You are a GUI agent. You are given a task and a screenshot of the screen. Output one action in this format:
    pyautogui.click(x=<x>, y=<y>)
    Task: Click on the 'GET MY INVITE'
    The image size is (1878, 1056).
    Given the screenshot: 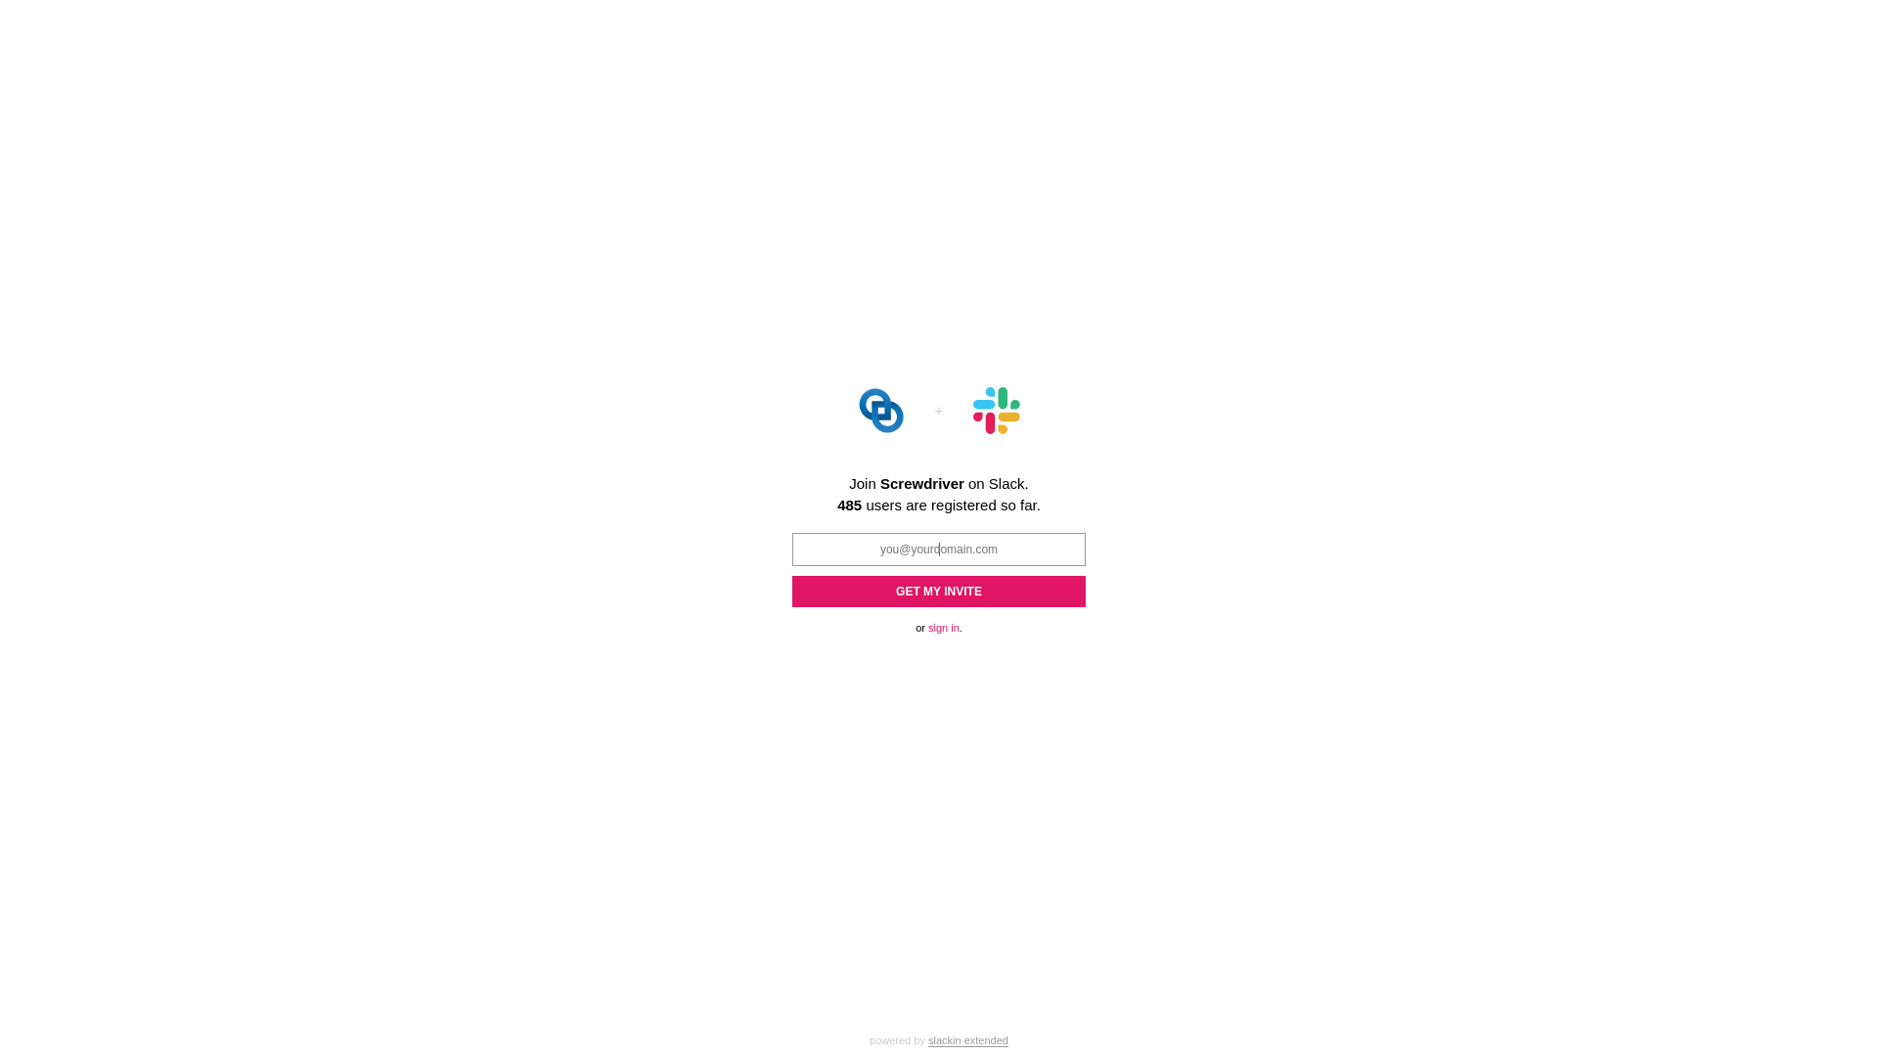 What is the action you would take?
    pyautogui.click(x=939, y=590)
    